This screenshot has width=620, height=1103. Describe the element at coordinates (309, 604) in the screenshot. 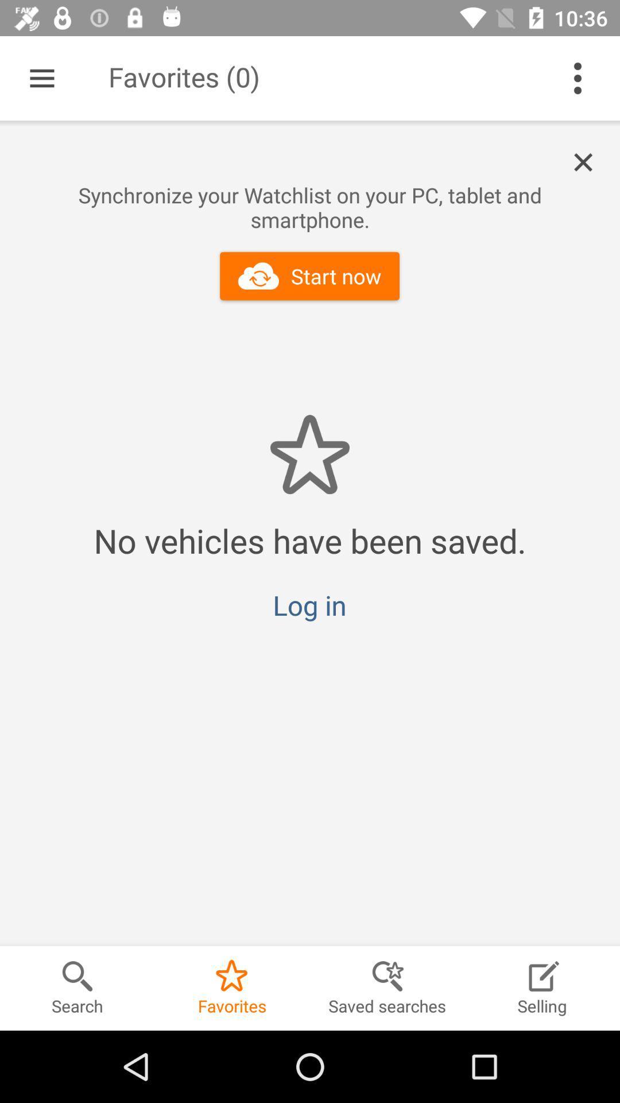

I see `the log in` at that location.